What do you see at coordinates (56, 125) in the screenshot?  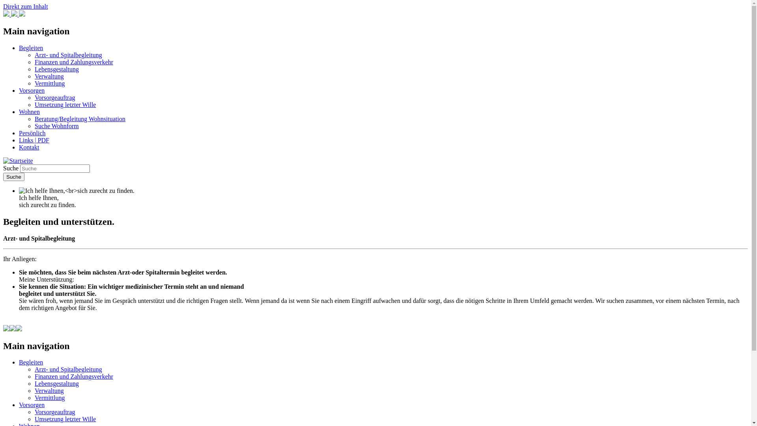 I see `'Suche Wohnform'` at bounding box center [56, 125].